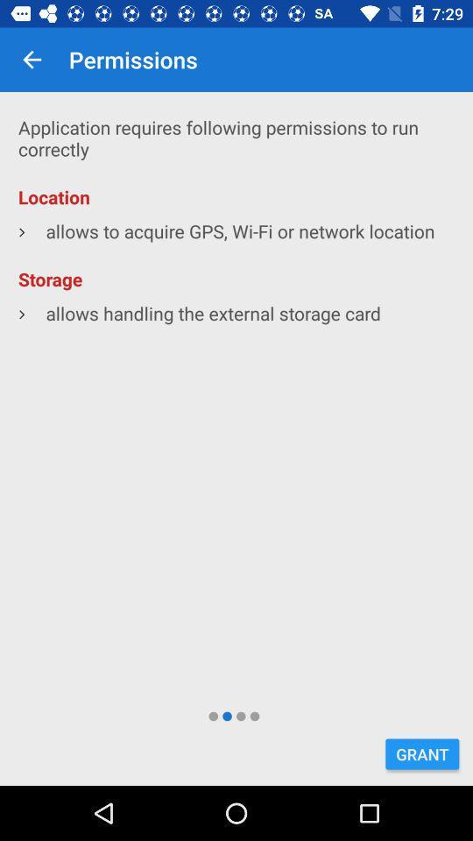 This screenshot has width=473, height=841. What do you see at coordinates (32, 60) in the screenshot?
I see `app above application requires following icon` at bounding box center [32, 60].